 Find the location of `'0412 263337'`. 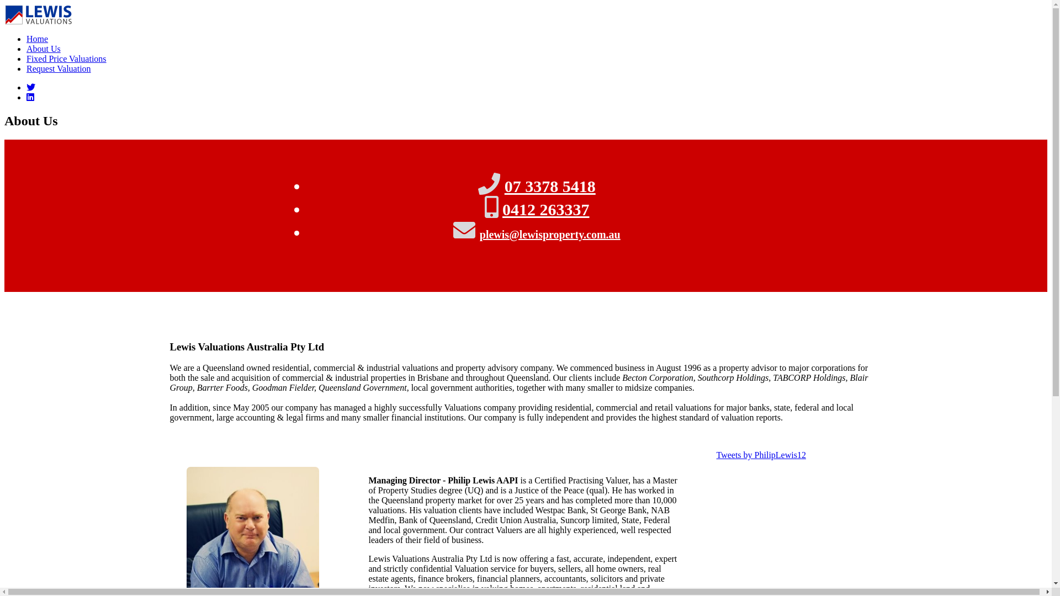

'0412 263337' is located at coordinates (545, 209).